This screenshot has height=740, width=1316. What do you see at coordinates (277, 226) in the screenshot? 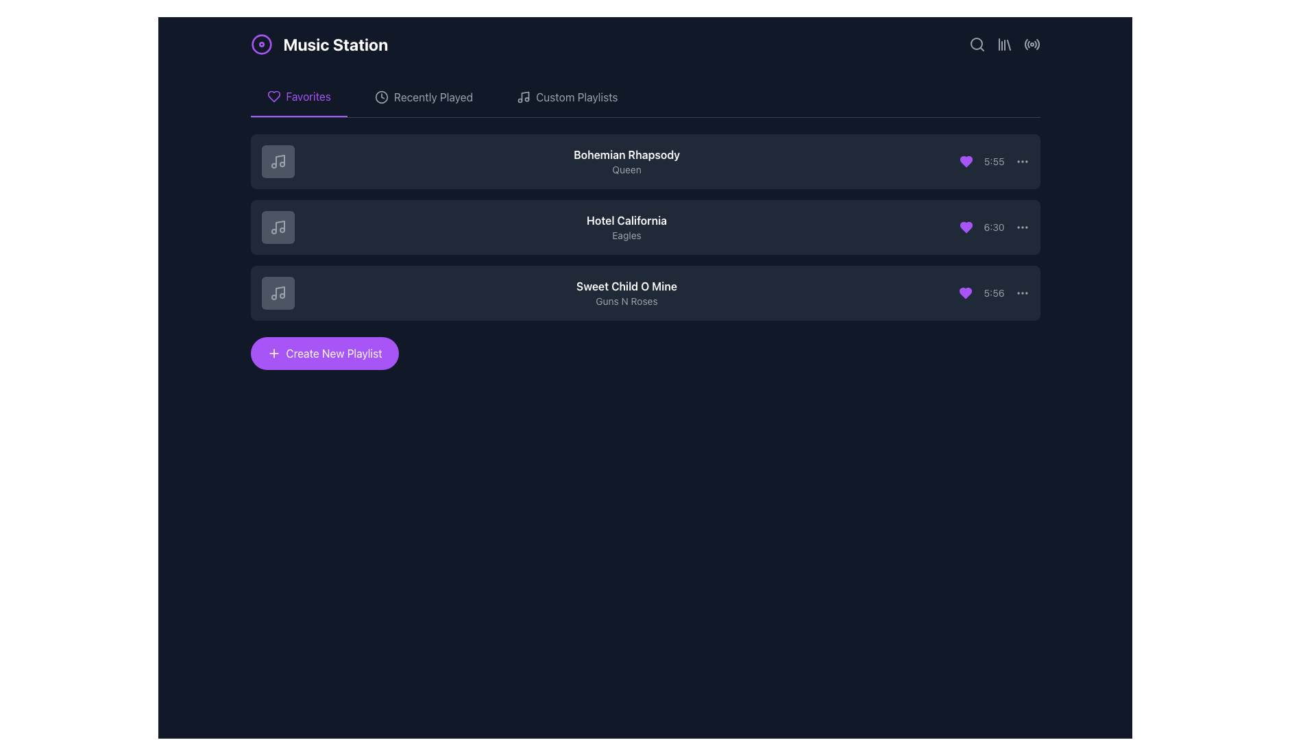
I see `the decorative icon button representing a musical item in the playlist, located to the left of the text 'Hotel California' by the Eagles in the 'Favorites' section` at bounding box center [277, 226].